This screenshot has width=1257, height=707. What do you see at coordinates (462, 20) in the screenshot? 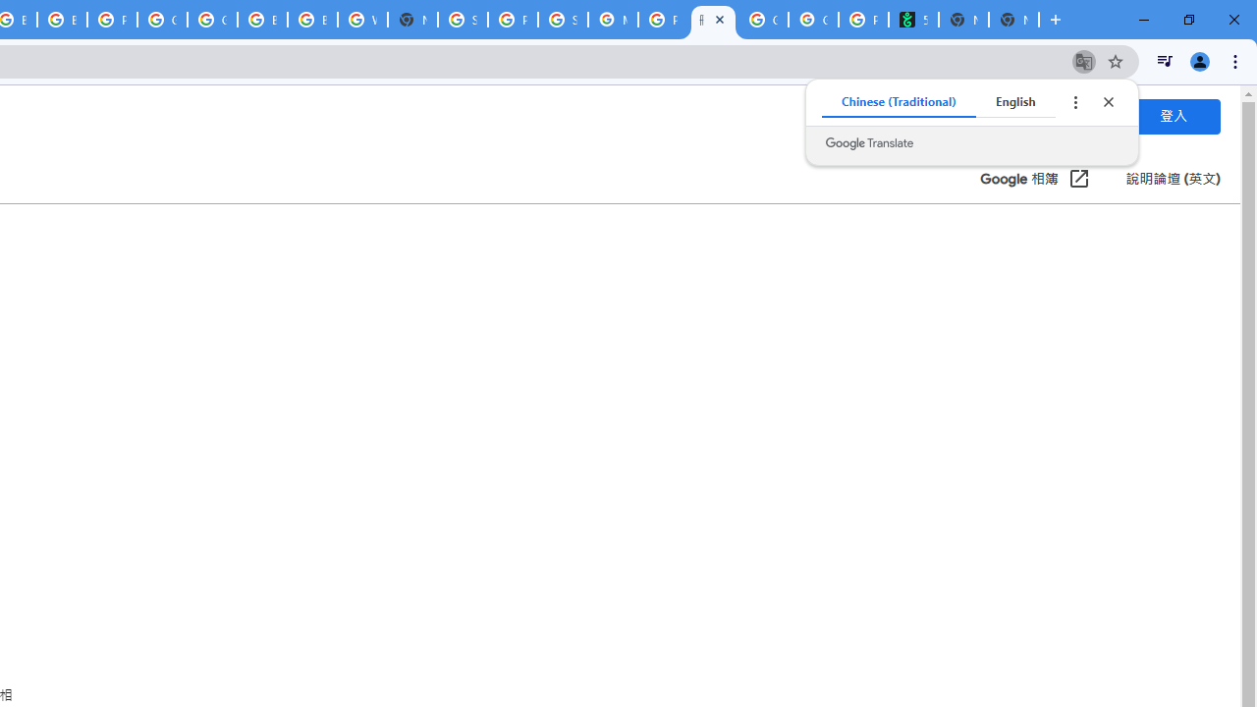
I see `'Sign in - Google Accounts'` at bounding box center [462, 20].